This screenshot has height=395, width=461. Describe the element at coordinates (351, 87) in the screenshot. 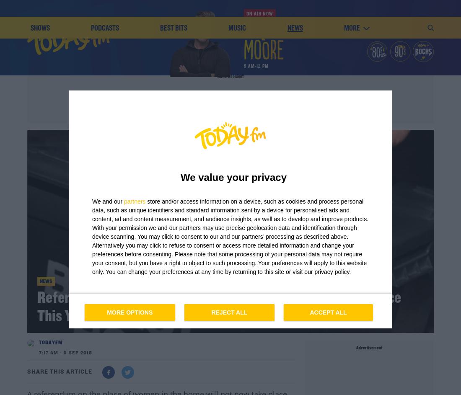

I see `'more'` at that location.